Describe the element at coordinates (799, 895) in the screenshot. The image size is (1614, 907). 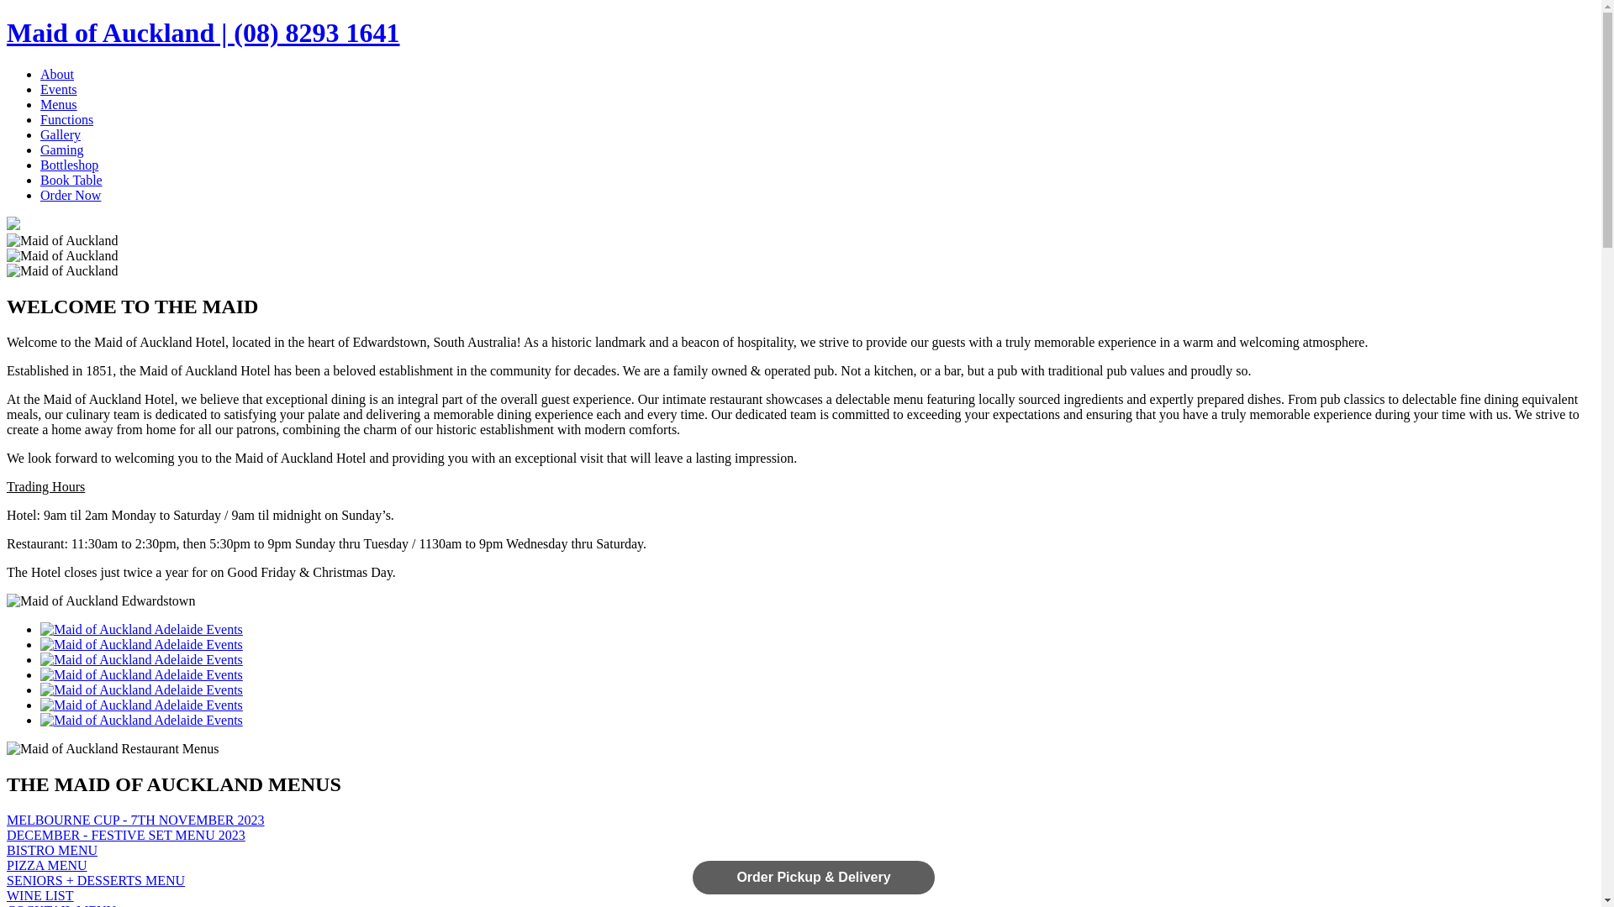
I see `'WINE LIST'` at that location.